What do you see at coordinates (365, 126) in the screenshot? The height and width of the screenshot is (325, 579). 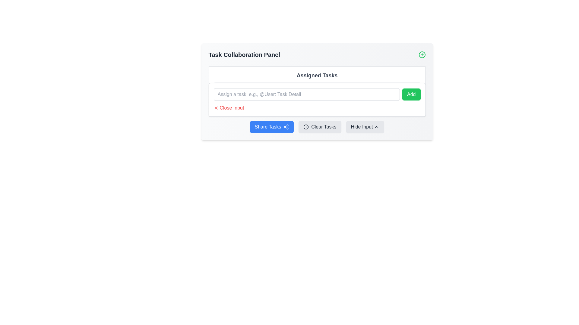 I see `the third button in the horizontal row to the right of the 'Clear Tasks' button` at bounding box center [365, 126].